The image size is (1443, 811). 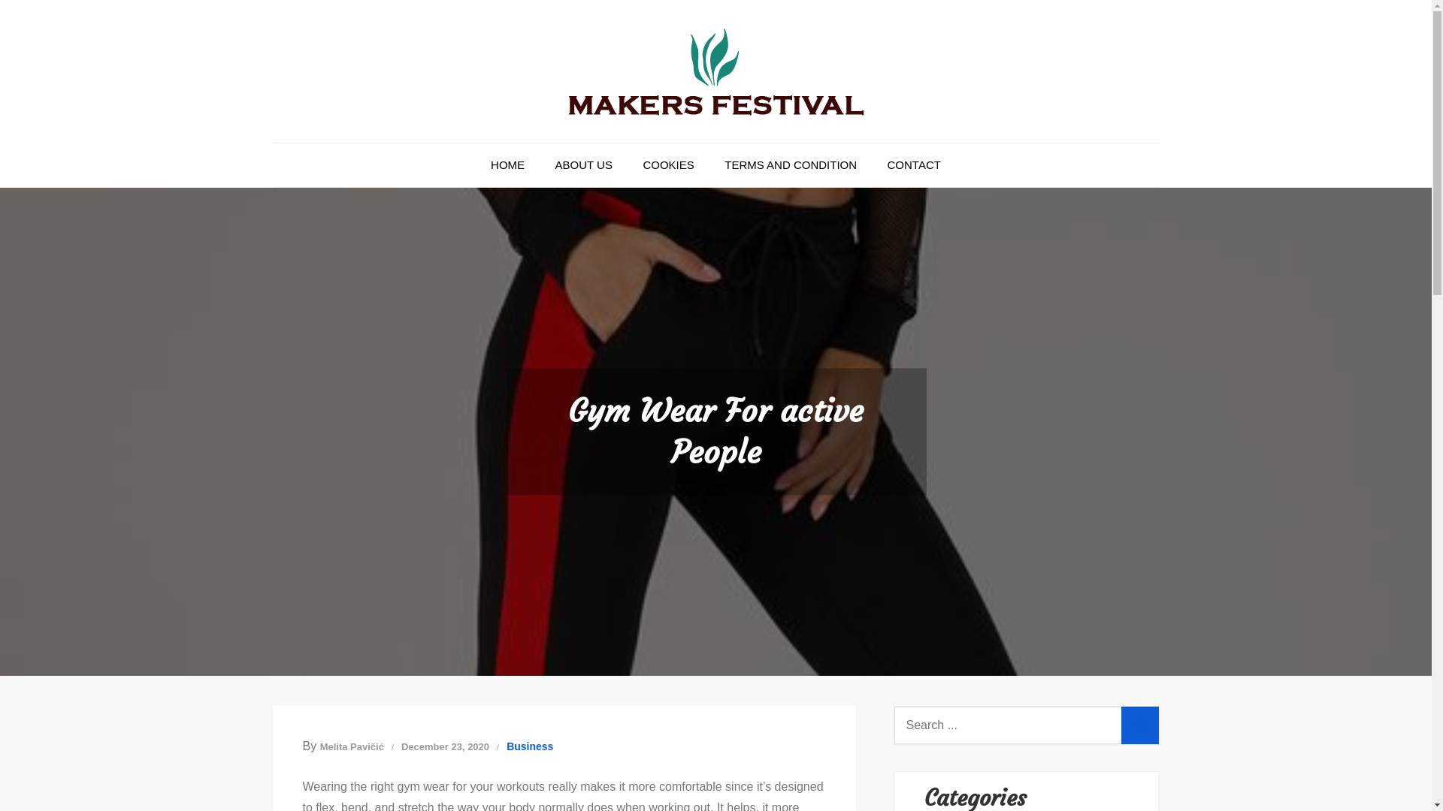 What do you see at coordinates (873, 164) in the screenshot?
I see `'CONTACT'` at bounding box center [873, 164].